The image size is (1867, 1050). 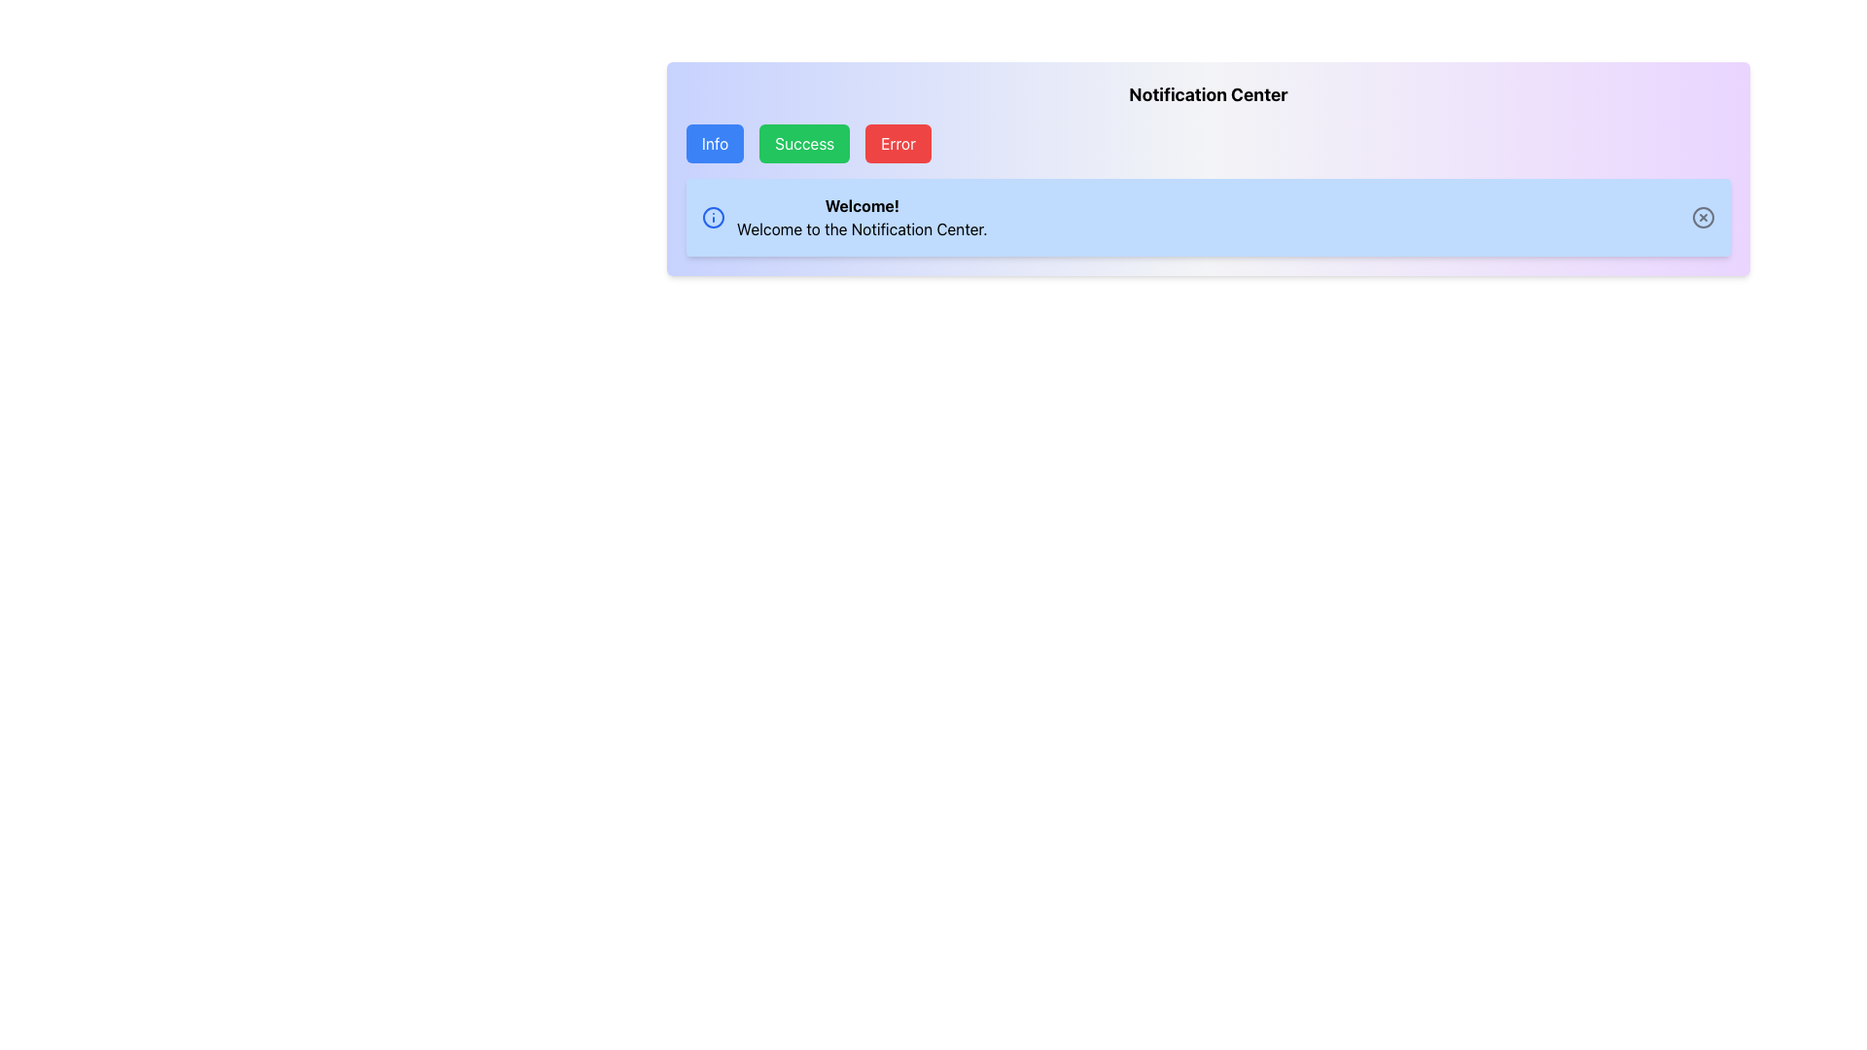 I want to click on the non-interactive SVG Circle that is part of an informational icon, located within a notification card to the left of the 'Welcome!' text block, so click(x=713, y=217).